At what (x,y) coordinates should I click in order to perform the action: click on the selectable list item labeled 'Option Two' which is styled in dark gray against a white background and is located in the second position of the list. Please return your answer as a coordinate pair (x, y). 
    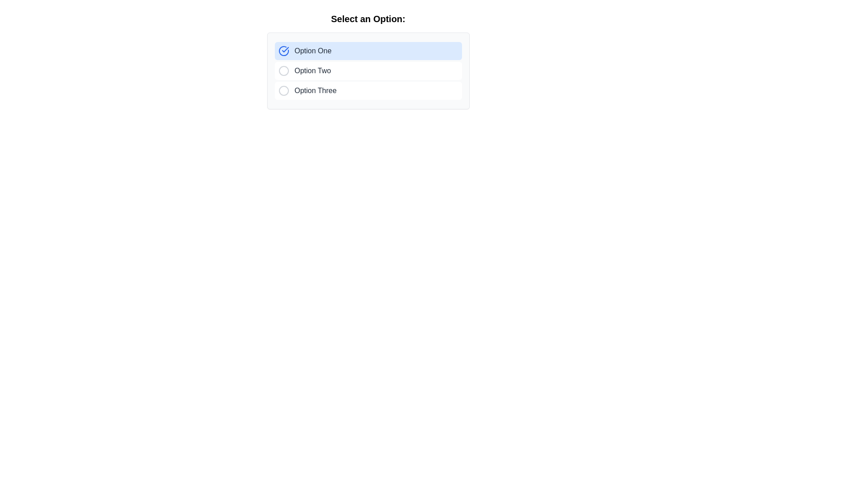
    Looking at the image, I should click on (368, 70).